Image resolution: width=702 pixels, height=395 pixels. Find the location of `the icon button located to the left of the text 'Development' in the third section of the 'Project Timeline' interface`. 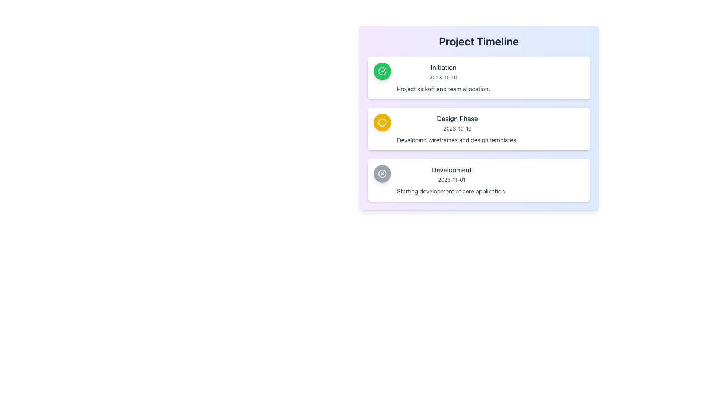

the icon button located to the left of the text 'Development' in the third section of the 'Project Timeline' interface is located at coordinates (382, 173).